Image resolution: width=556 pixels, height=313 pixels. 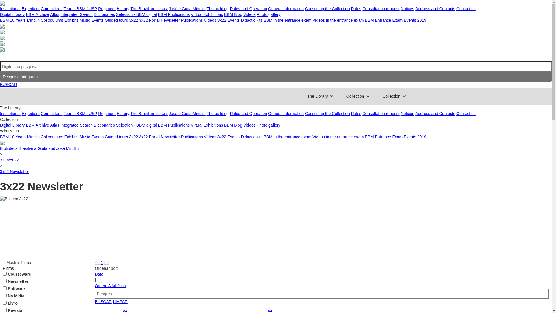 I want to click on '3x22 Portal', so click(x=149, y=20).